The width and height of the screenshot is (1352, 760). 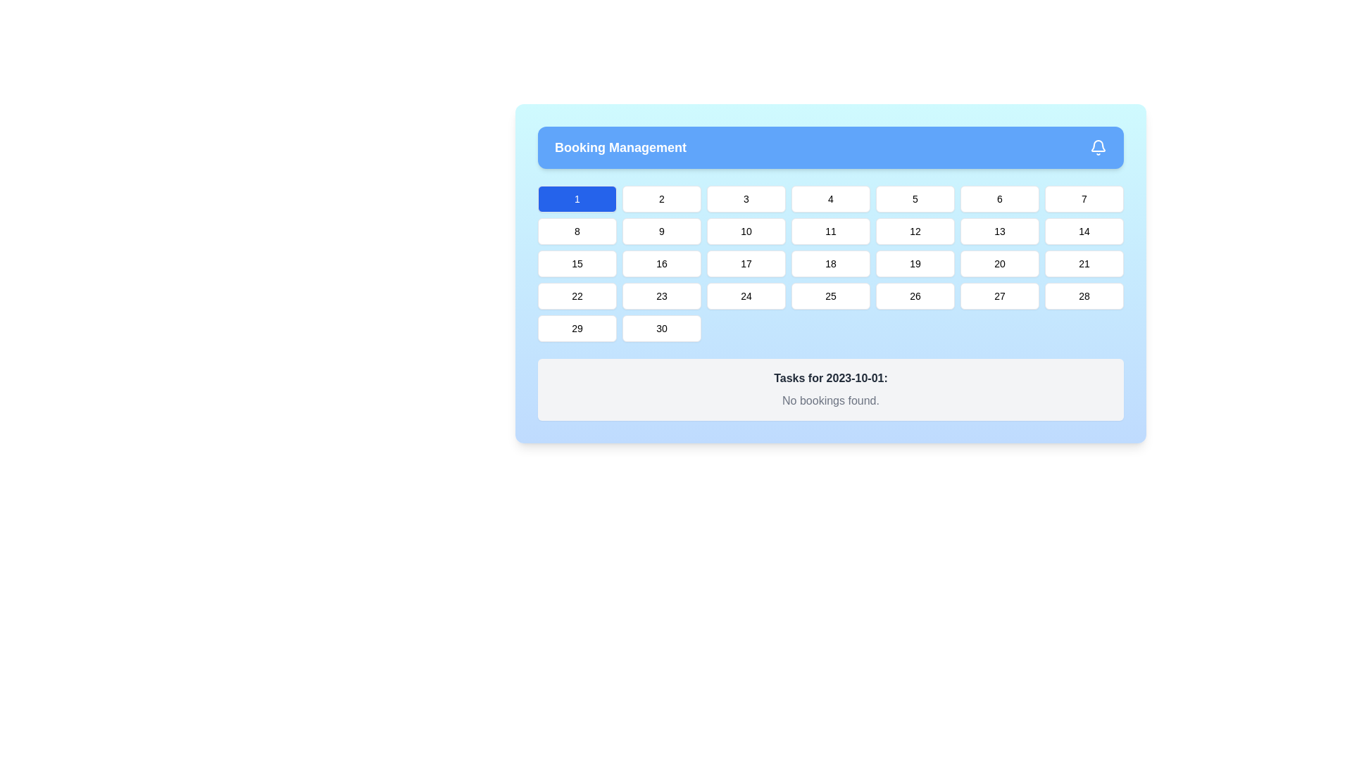 I want to click on the button representing the date '5' in the Booking Management grid, so click(x=915, y=198).